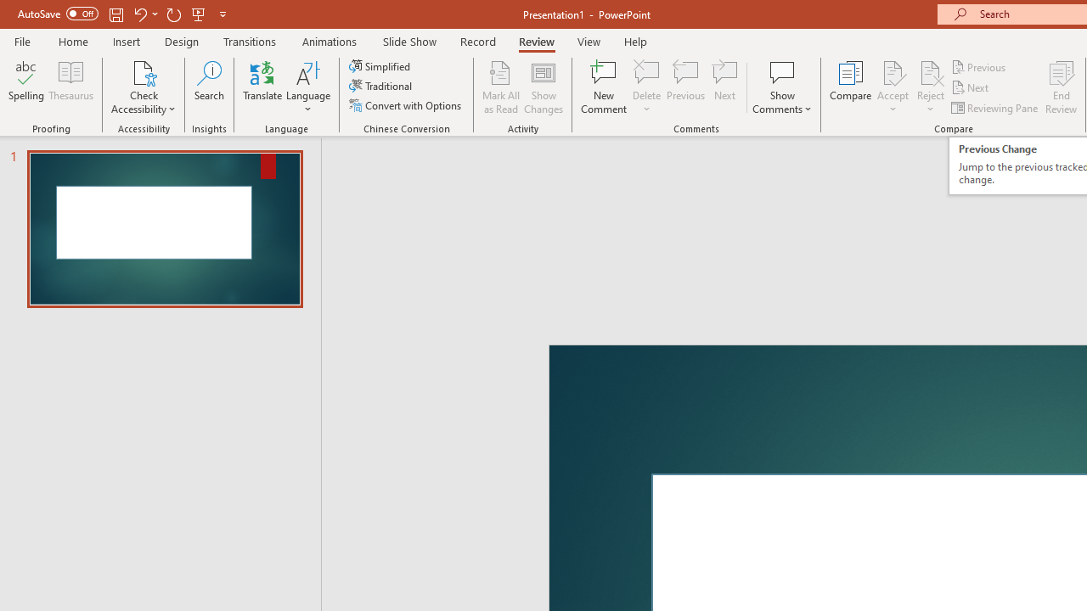  What do you see at coordinates (892, 87) in the screenshot?
I see `'Accept'` at bounding box center [892, 87].